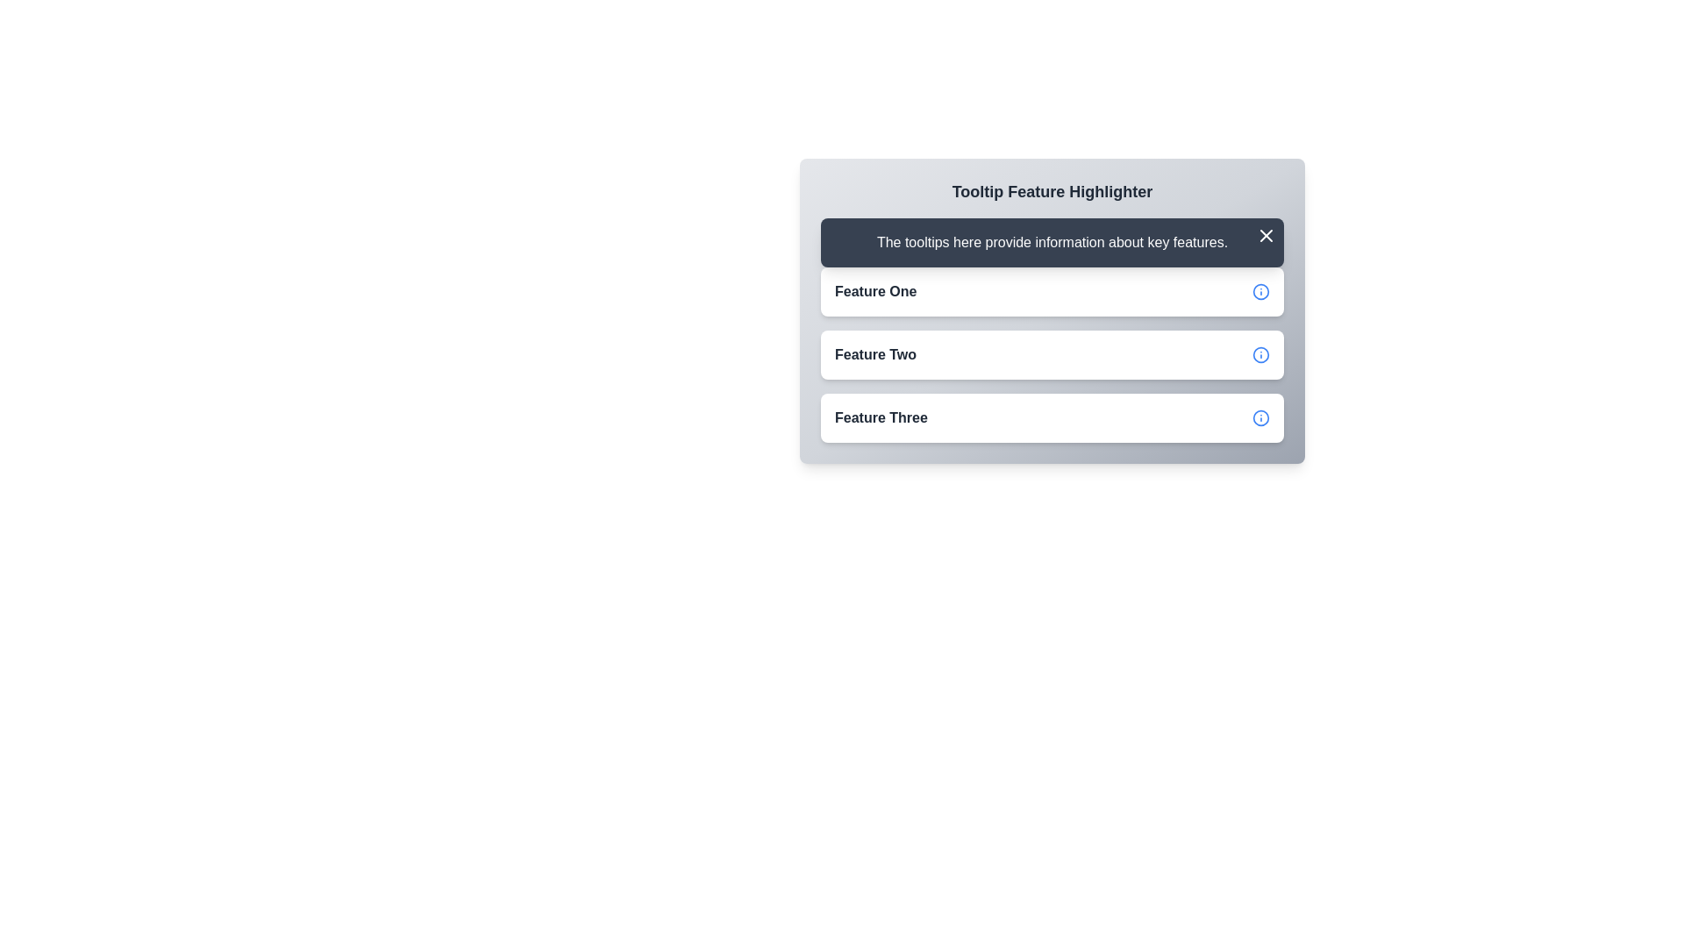 The height and width of the screenshot is (947, 1684). What do you see at coordinates (1052, 243) in the screenshot?
I see `the Text Display Area that provides guidance or context about the interface` at bounding box center [1052, 243].